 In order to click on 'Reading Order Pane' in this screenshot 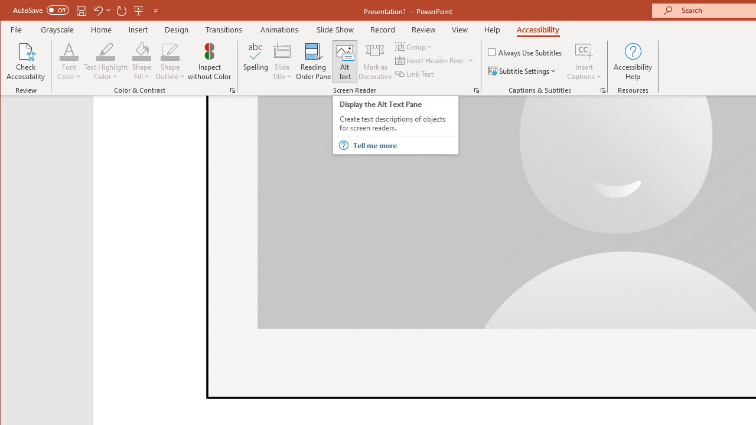, I will do `click(314, 61)`.